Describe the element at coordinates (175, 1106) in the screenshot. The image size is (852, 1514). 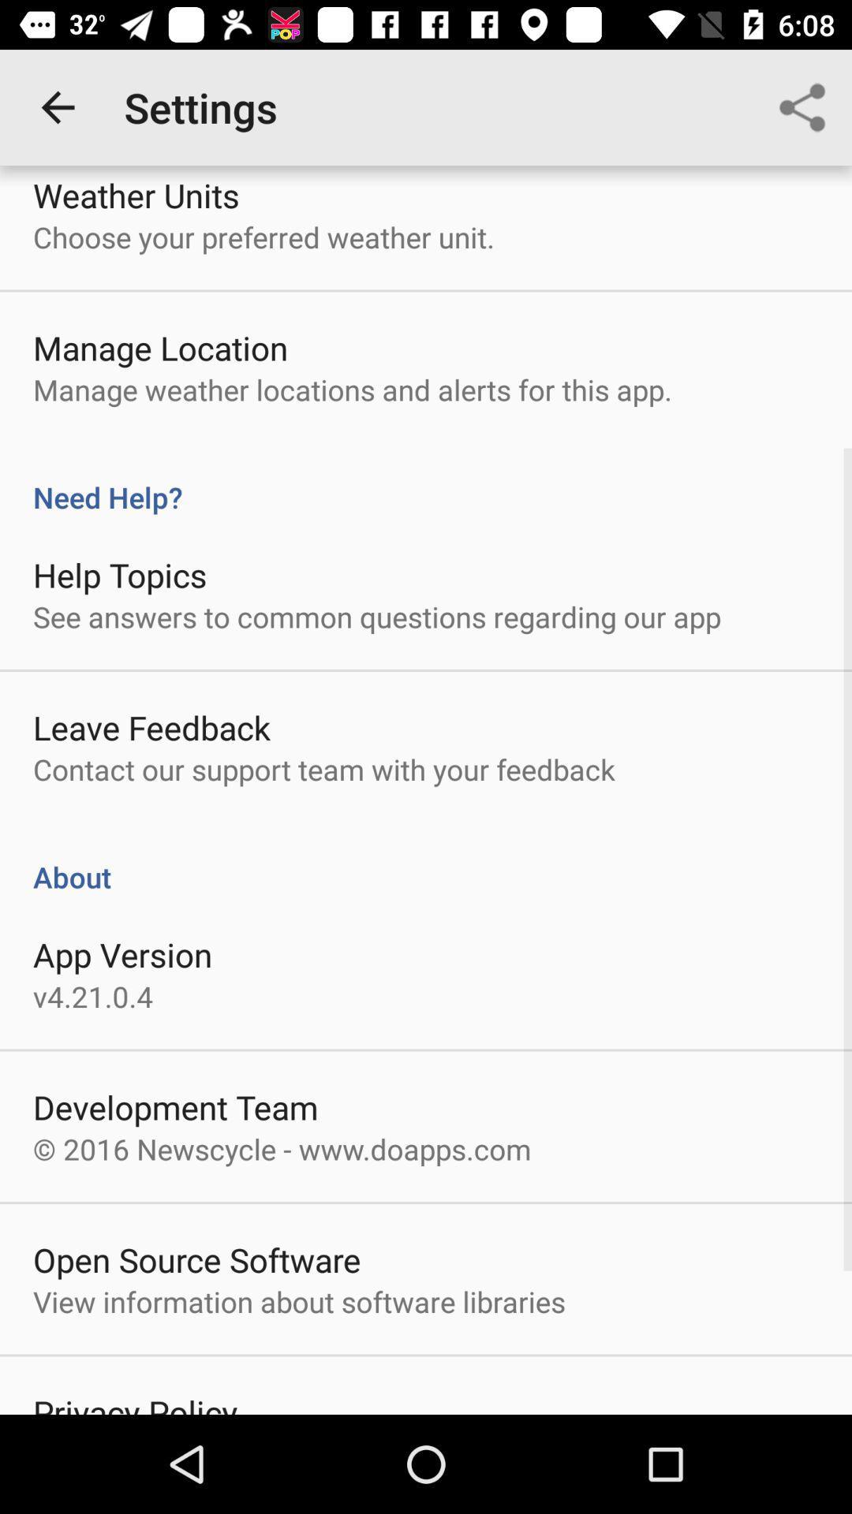
I see `development team icon` at that location.